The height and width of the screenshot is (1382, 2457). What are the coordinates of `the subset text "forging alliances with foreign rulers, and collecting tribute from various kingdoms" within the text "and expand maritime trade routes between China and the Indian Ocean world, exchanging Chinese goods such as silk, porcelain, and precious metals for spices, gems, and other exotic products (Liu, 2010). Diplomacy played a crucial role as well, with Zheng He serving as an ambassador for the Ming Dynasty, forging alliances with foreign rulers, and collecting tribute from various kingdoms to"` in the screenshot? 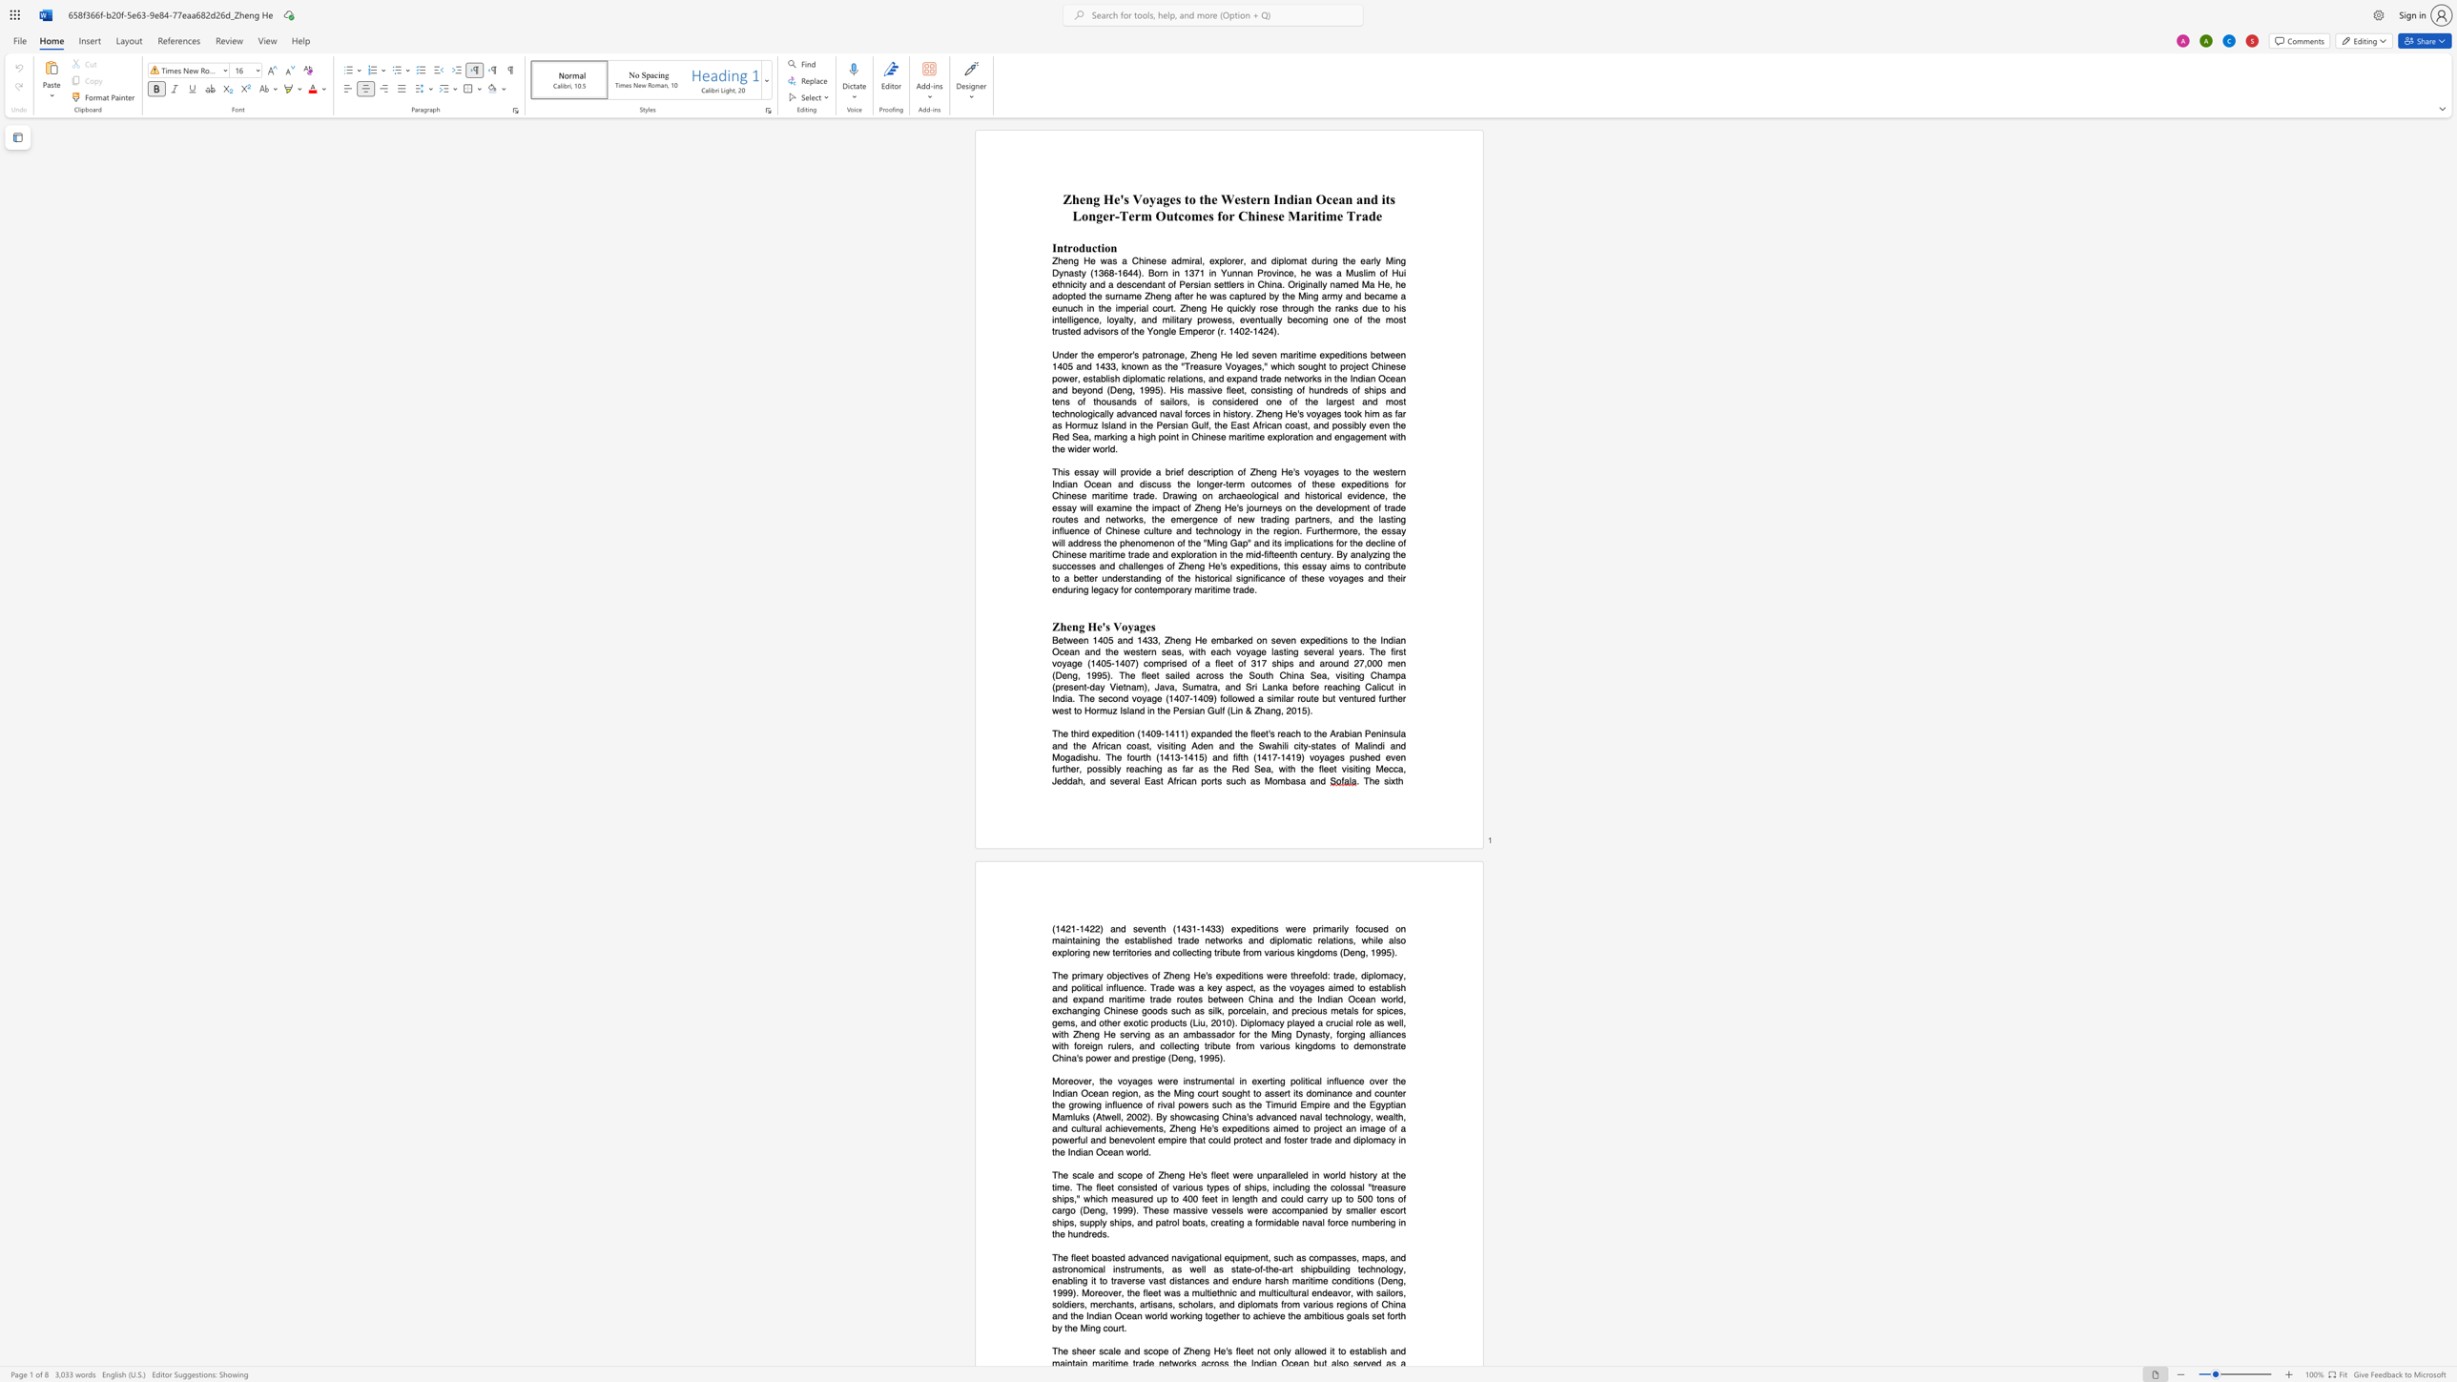 It's located at (1335, 1034).